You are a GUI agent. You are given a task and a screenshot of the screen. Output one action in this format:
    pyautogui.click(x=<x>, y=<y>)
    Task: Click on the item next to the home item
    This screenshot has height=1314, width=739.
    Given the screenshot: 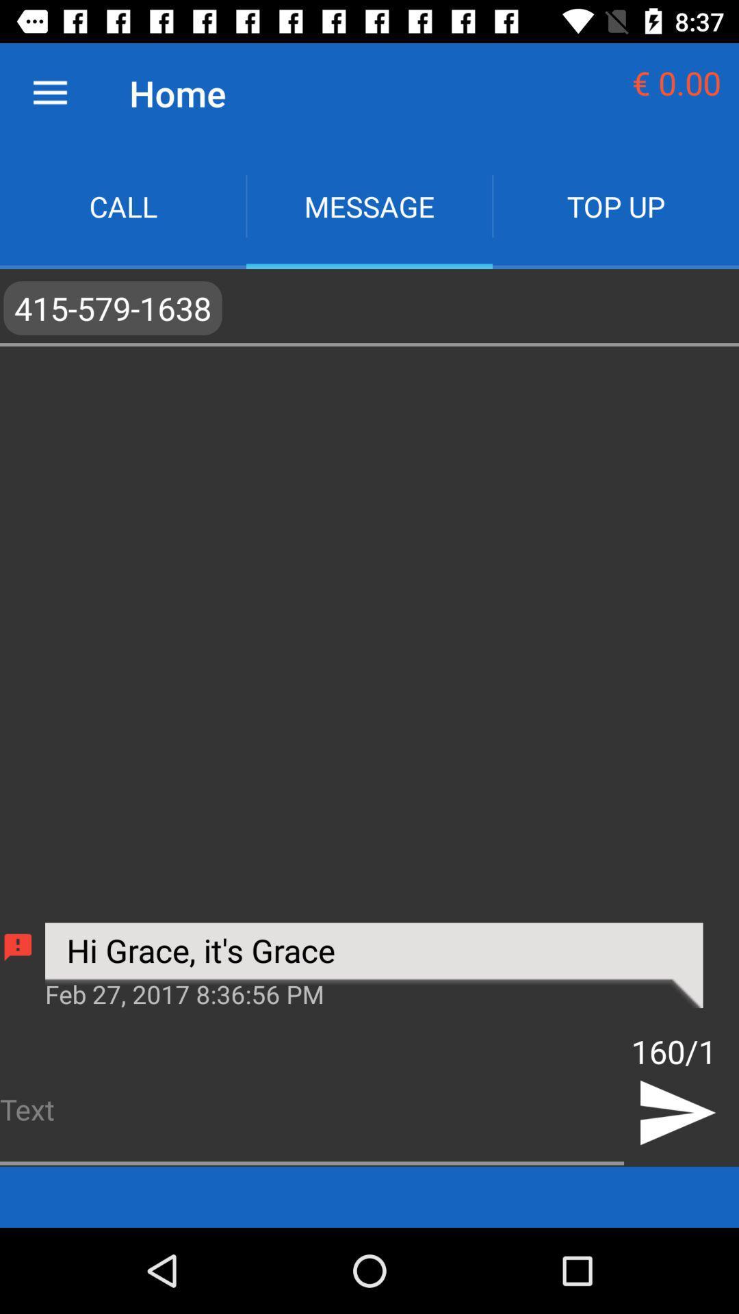 What is the action you would take?
    pyautogui.click(x=49, y=92)
    